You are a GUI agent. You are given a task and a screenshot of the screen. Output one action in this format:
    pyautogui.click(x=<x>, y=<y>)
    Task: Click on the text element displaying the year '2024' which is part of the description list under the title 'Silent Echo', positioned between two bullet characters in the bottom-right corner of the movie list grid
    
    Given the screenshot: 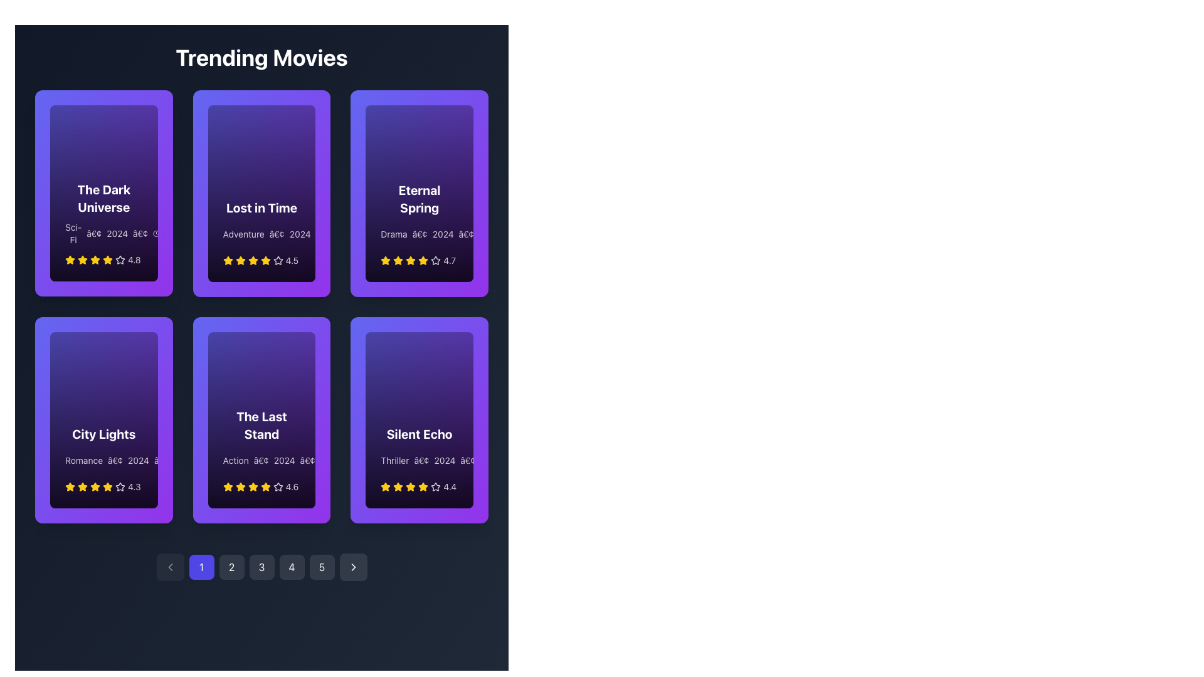 What is the action you would take?
    pyautogui.click(x=445, y=461)
    